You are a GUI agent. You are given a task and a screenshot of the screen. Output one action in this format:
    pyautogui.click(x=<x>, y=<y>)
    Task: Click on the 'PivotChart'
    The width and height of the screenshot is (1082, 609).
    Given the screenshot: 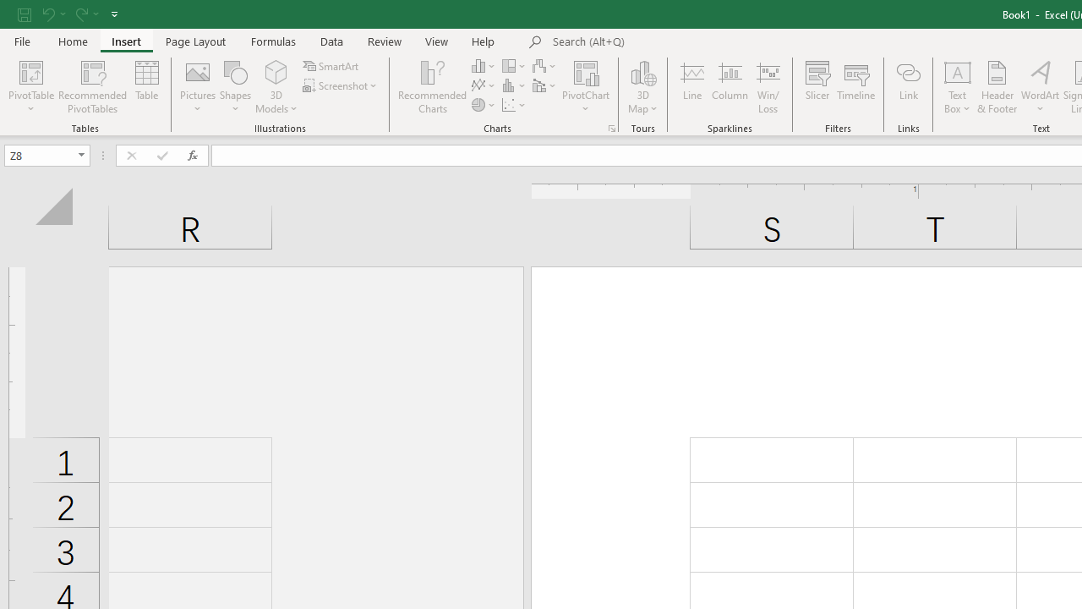 What is the action you would take?
    pyautogui.click(x=586, y=71)
    